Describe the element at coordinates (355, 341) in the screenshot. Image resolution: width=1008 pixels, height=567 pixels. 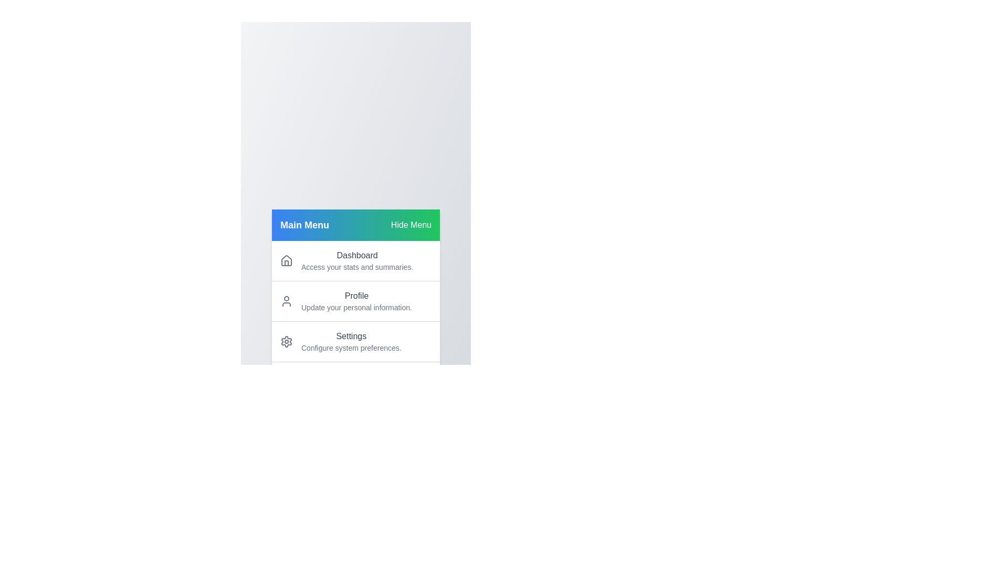
I see `the menu item labeled Settings` at that location.